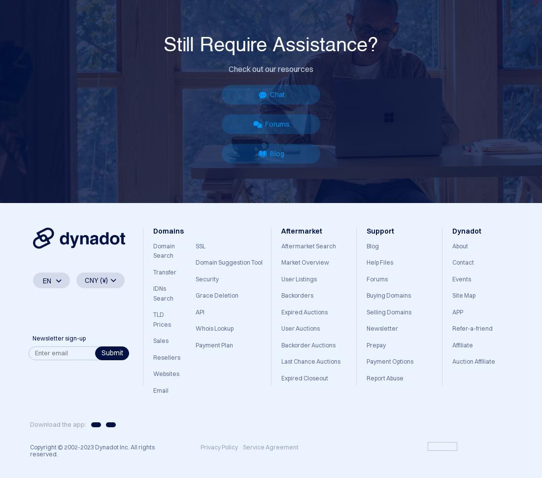 Image resolution: width=542 pixels, height=478 pixels. Describe the element at coordinates (310, 361) in the screenshot. I see `'Last Chance Auctions'` at that location.